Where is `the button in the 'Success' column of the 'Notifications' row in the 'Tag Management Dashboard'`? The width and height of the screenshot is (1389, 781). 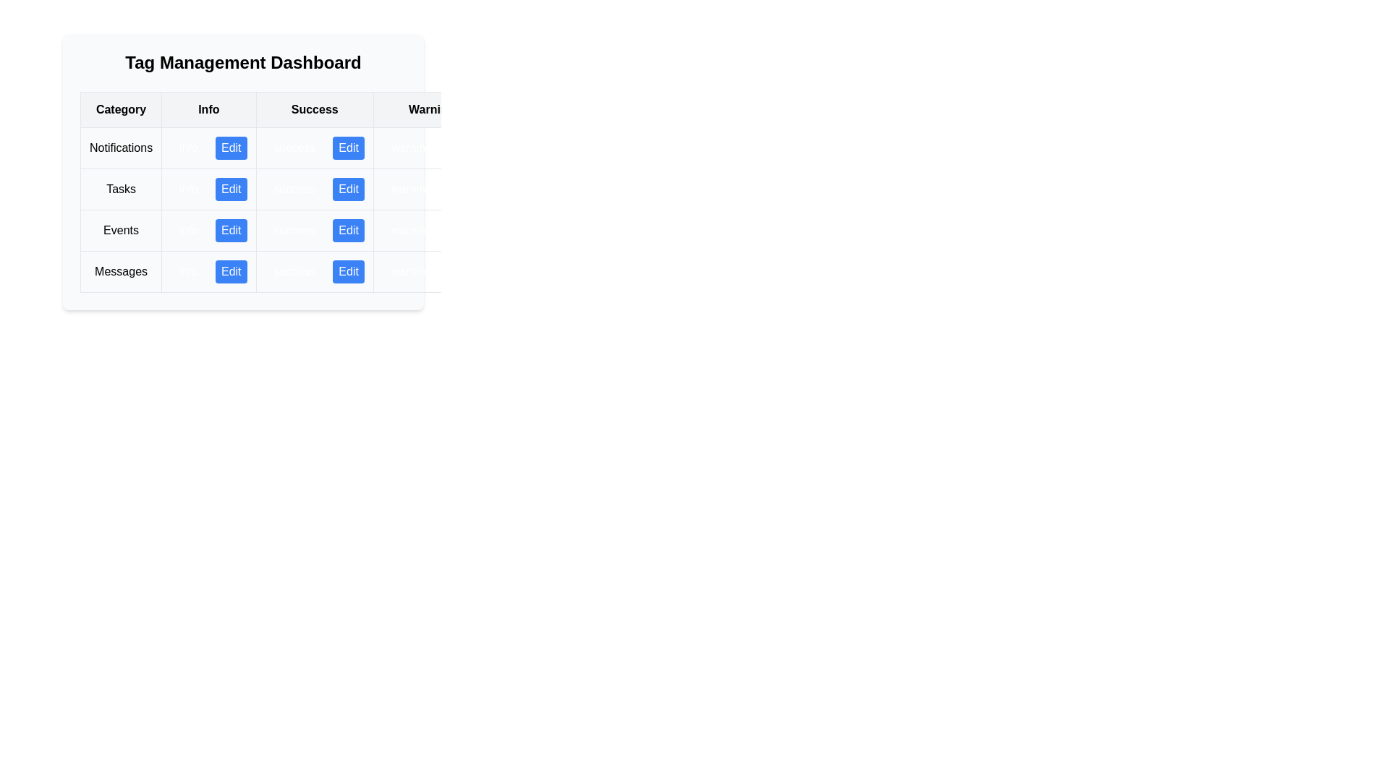 the button in the 'Success' column of the 'Notifications' row in the 'Tag Management Dashboard' is located at coordinates (348, 148).